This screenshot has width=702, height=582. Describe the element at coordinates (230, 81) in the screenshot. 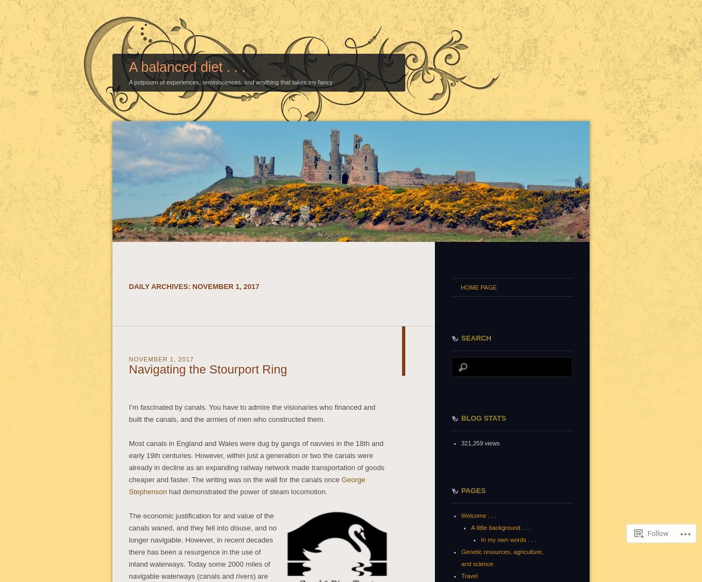

I see `'A potpourri of experiences, reminiscences, and anything that takes my fancy'` at that location.